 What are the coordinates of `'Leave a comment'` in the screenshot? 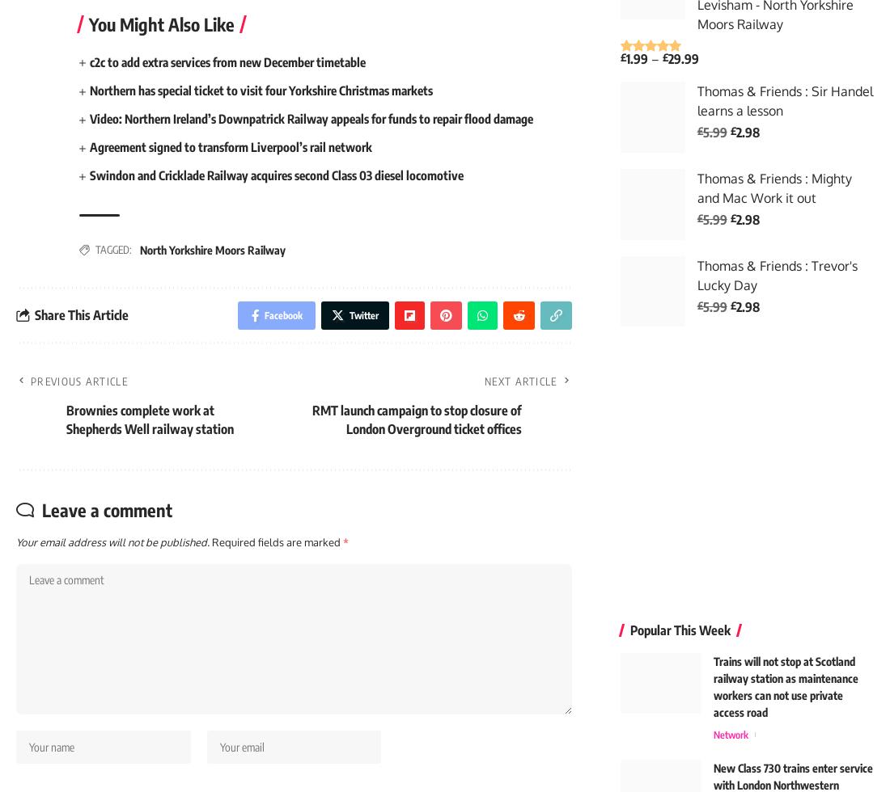 It's located at (107, 518).